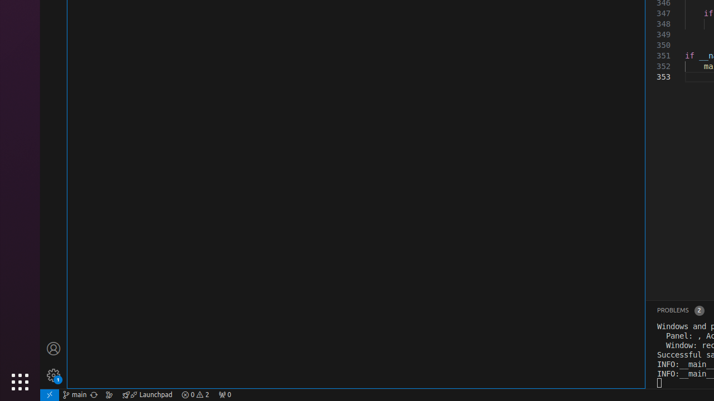  I want to click on 'Accounts', so click(53, 348).